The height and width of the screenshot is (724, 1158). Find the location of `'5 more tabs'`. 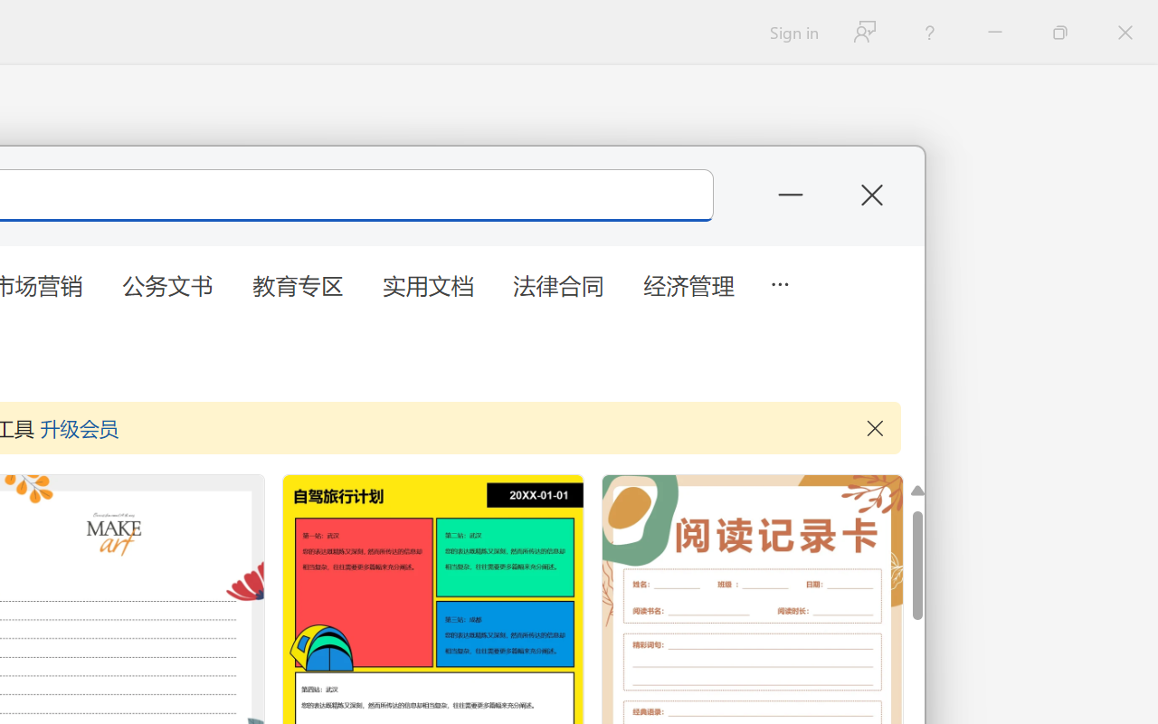

'5 more tabs' is located at coordinates (779, 281).